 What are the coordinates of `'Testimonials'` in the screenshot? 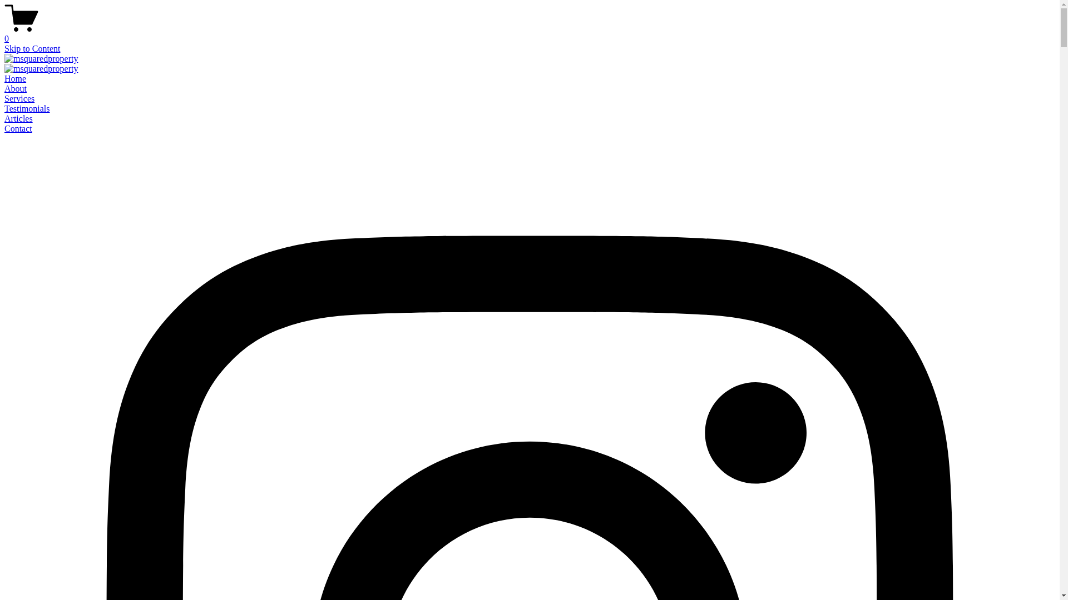 It's located at (27, 108).